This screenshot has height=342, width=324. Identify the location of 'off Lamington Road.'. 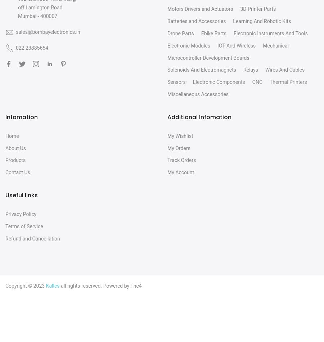
(41, 7).